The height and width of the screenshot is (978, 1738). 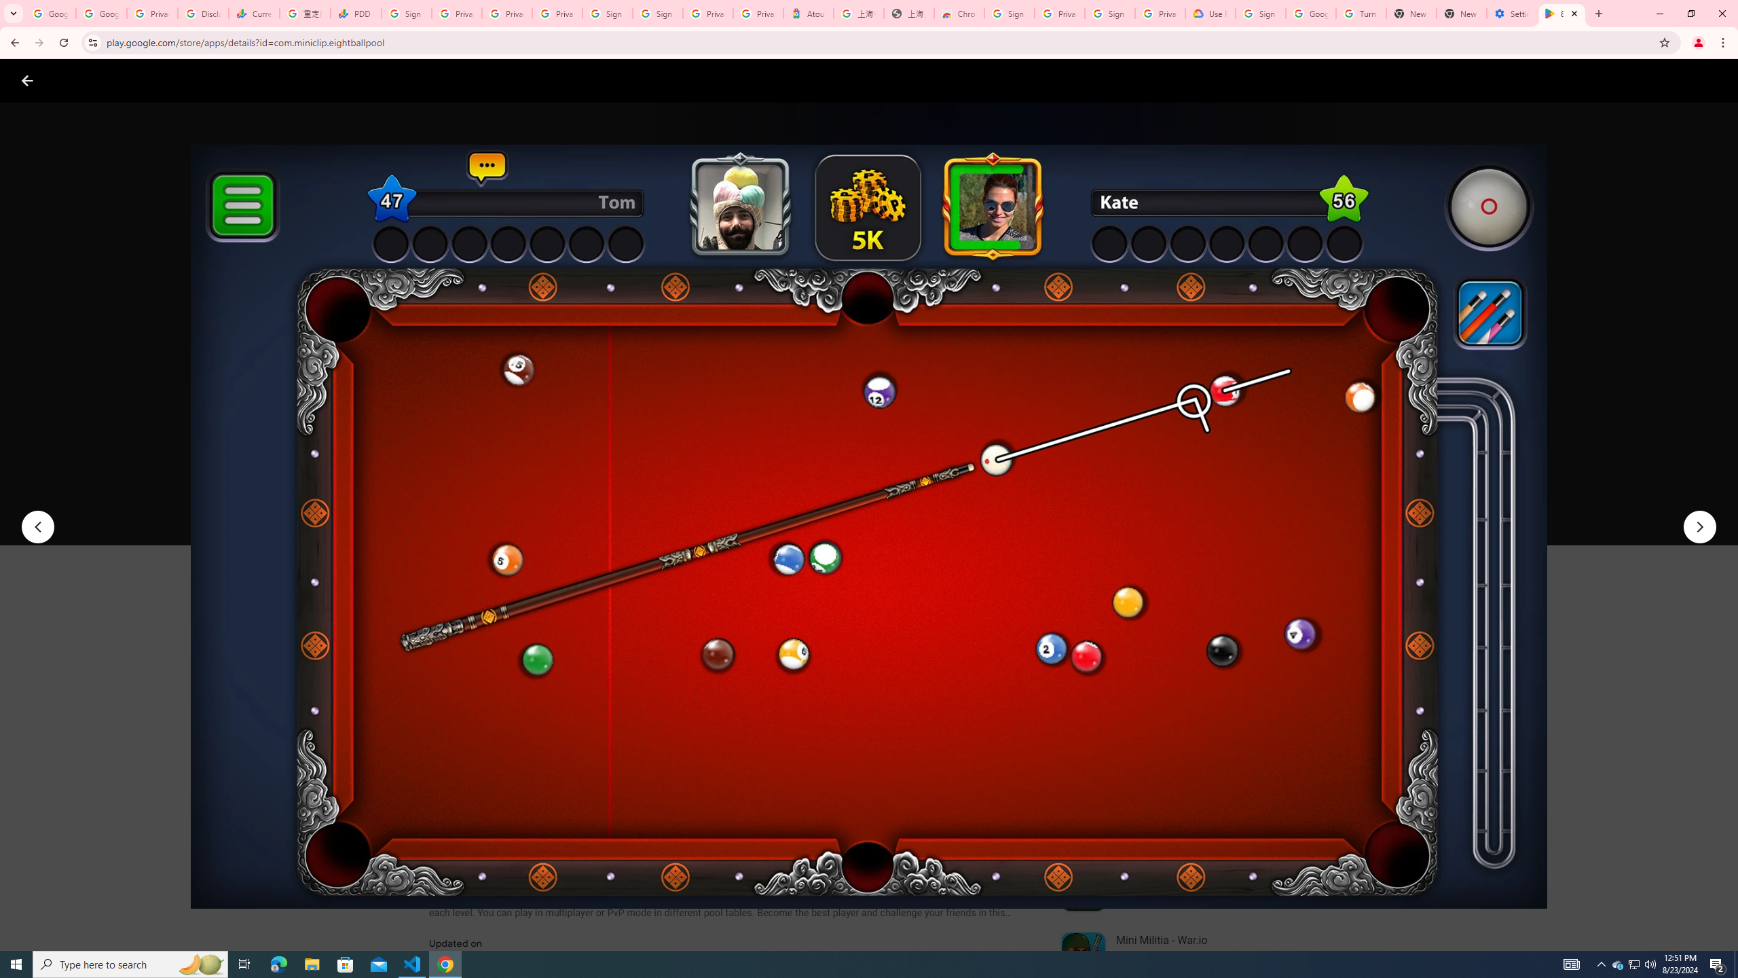 What do you see at coordinates (1511, 13) in the screenshot?
I see `'Settings - System'` at bounding box center [1511, 13].